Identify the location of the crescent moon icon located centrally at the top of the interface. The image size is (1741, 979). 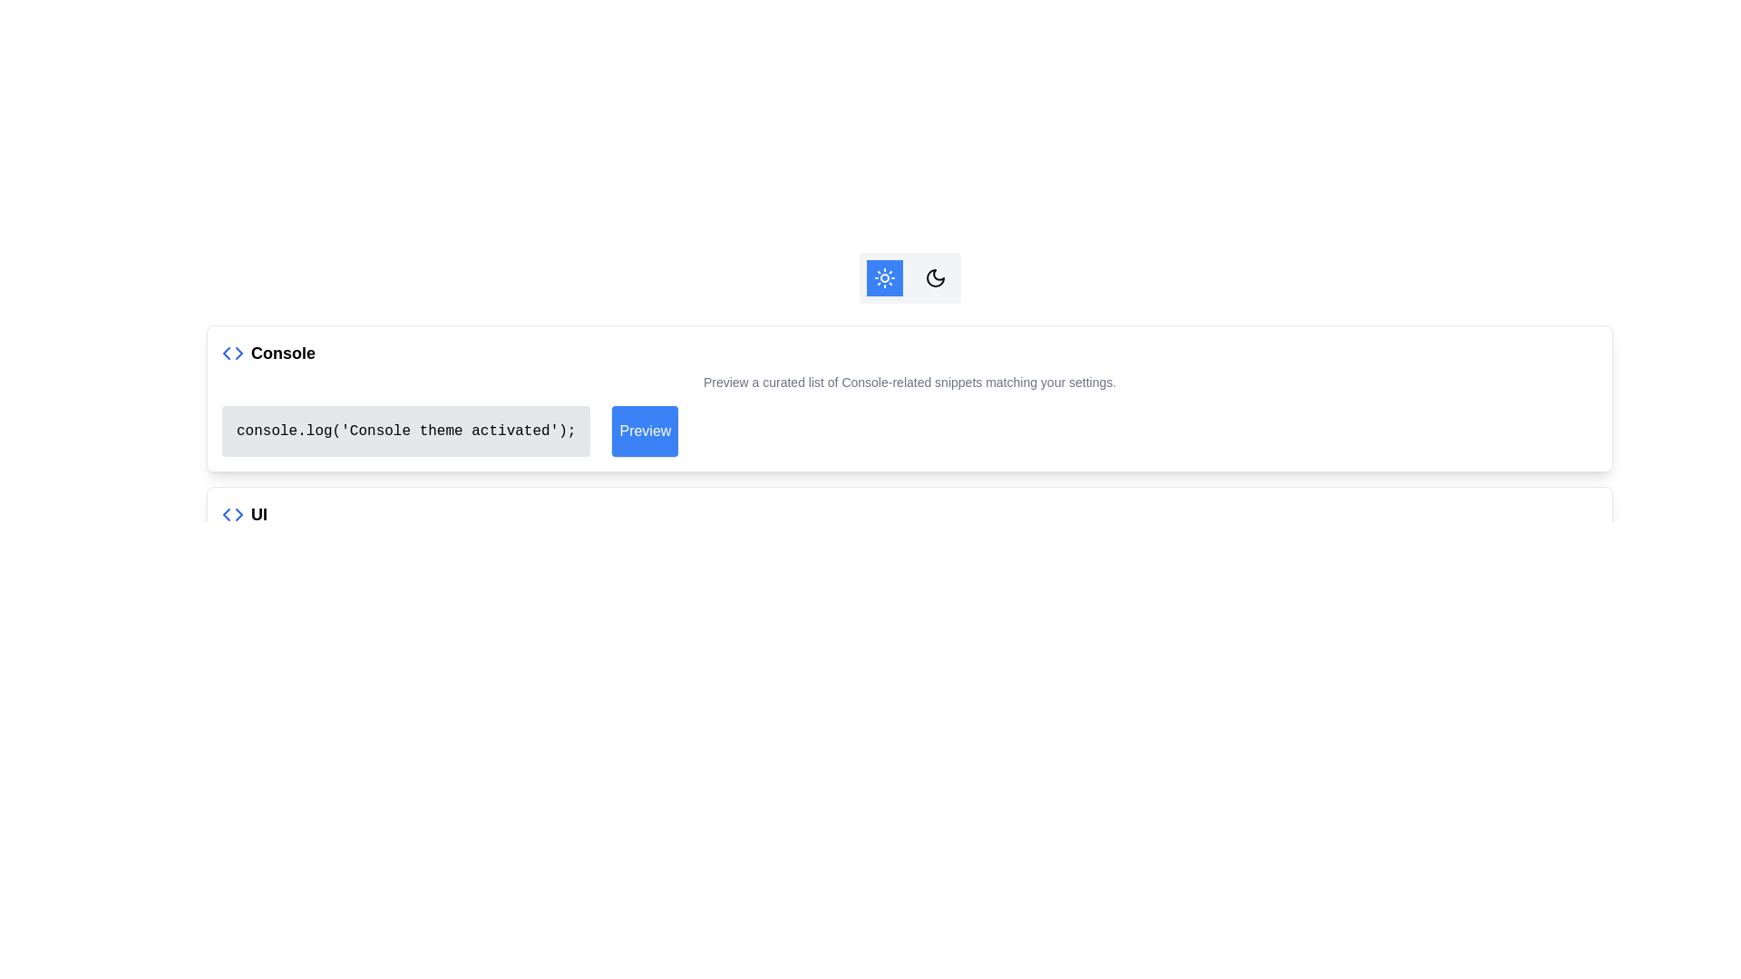
(935, 278).